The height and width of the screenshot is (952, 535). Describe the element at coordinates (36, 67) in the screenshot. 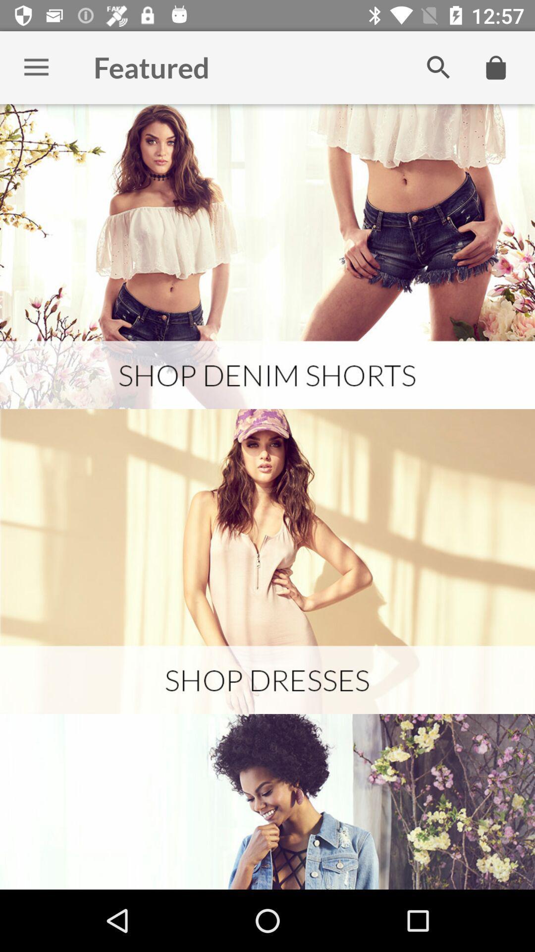

I see `options button` at that location.